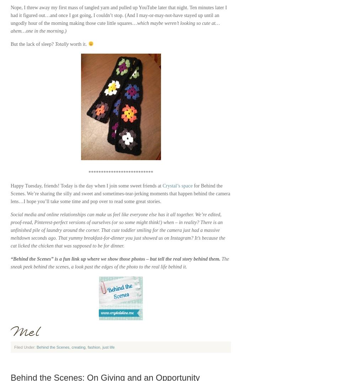  What do you see at coordinates (115, 27) in the screenshot?
I see `'which maybe weren’t looking so cute at…ahem…one in the morning.)'` at bounding box center [115, 27].